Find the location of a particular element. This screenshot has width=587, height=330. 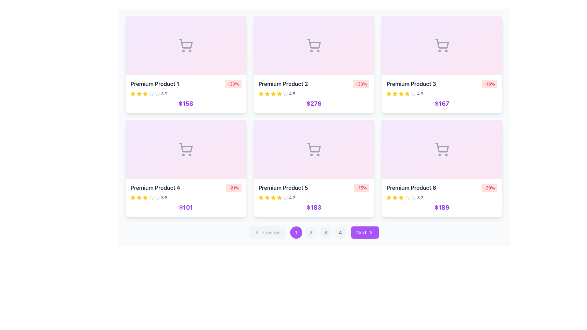

the text label displaying the numerical rating value '3.9', which is styled with a small text size and light gray color, positioned immediately after the star icons in the first product card of the grid layout is located at coordinates (164, 94).